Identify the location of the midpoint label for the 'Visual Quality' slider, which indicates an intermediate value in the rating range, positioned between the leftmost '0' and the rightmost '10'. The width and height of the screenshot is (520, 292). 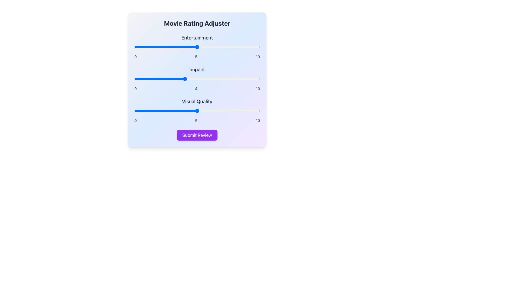
(196, 57).